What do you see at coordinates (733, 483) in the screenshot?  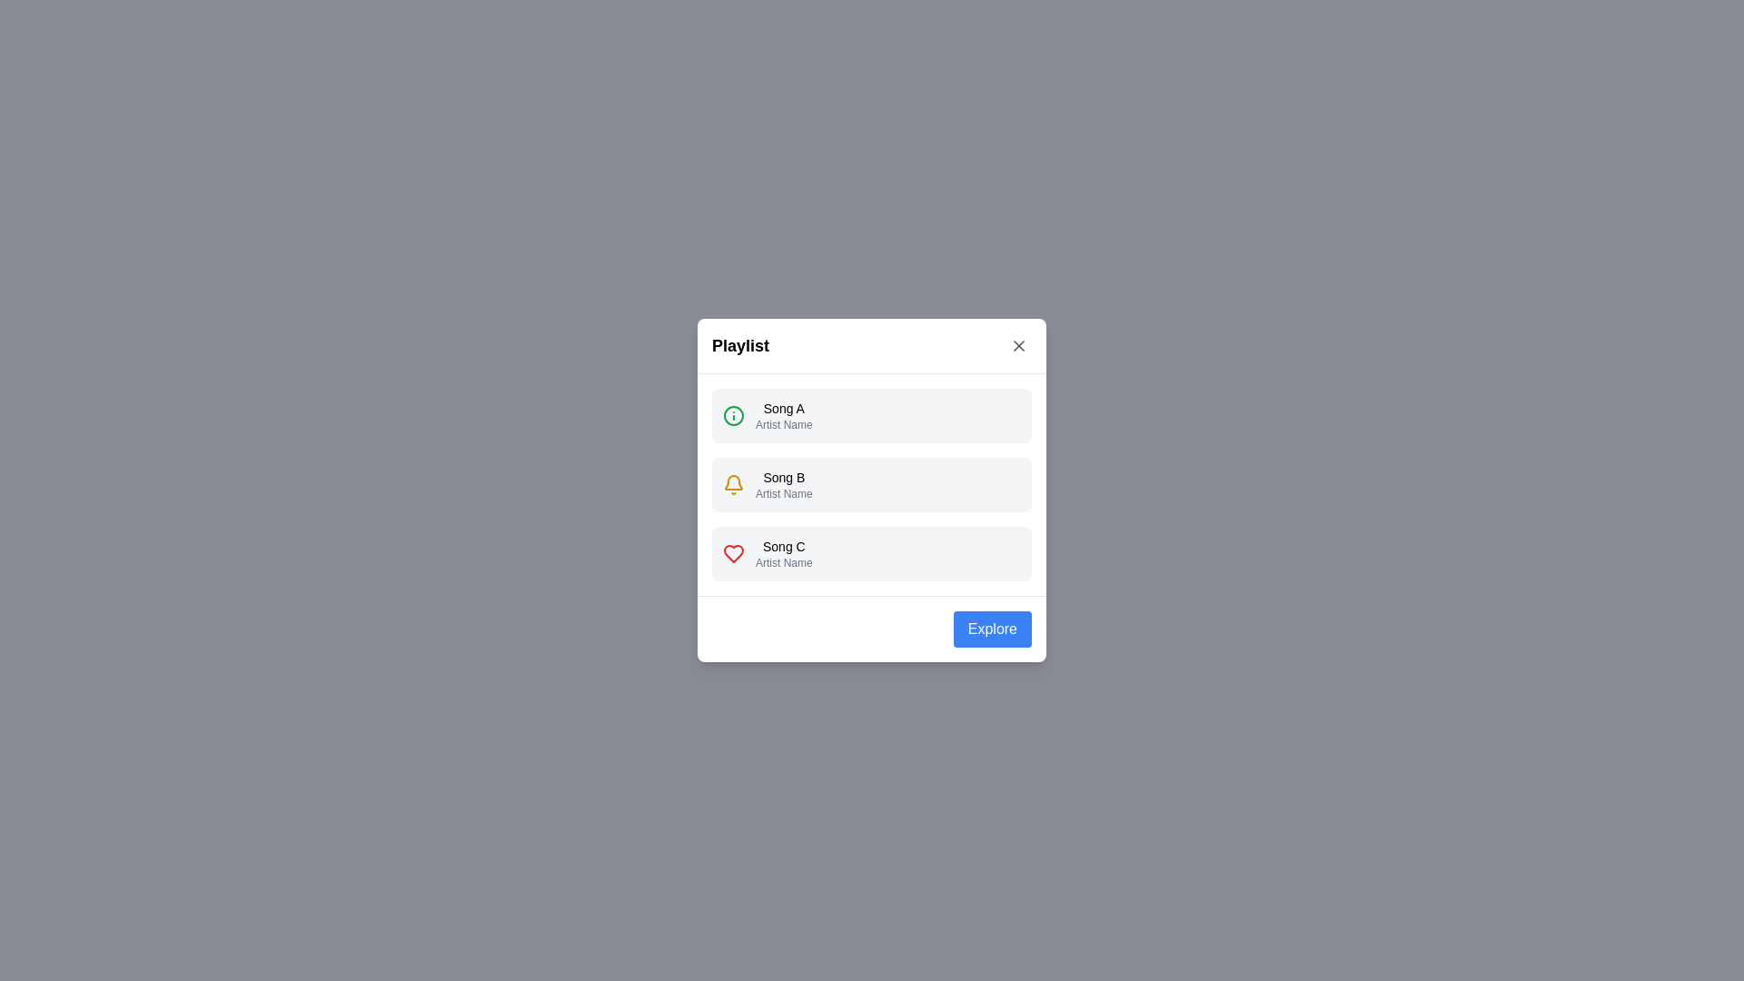 I see `the yellow bell-shaped icon representing an alert for 'Song B' by 'Artist Name', located in the second item of the playlist popup` at bounding box center [733, 483].